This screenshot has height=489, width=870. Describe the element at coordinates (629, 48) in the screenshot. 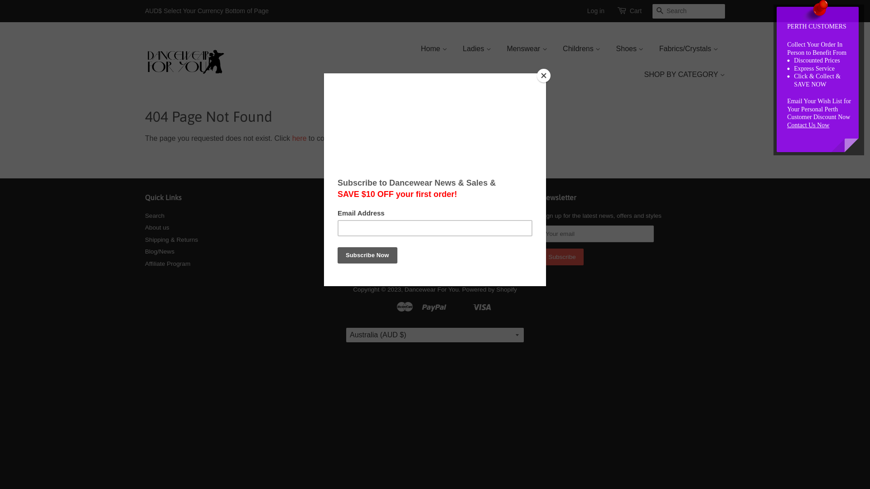

I see `'Shoes'` at that location.